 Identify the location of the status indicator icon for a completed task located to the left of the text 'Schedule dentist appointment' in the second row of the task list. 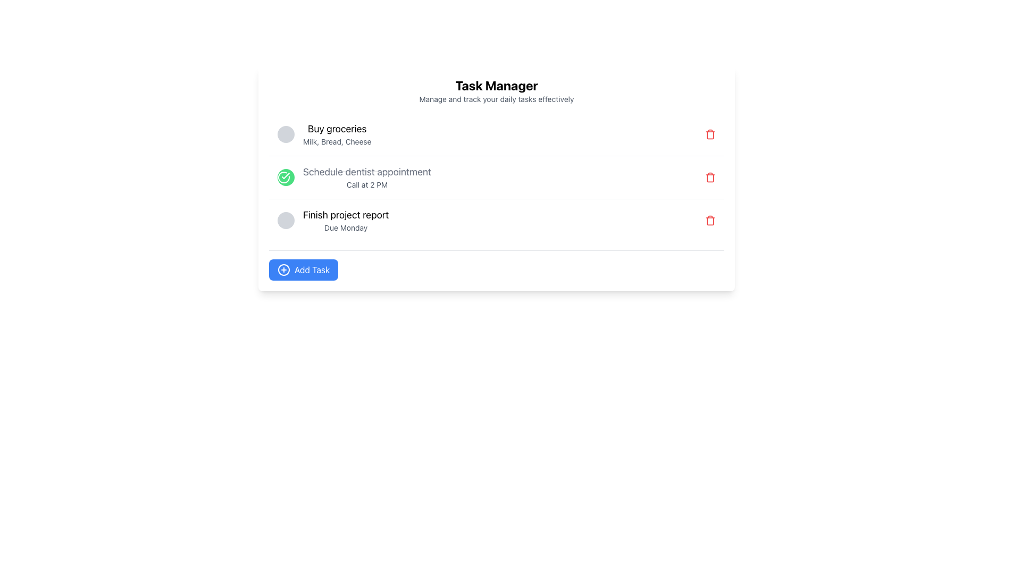
(283, 177).